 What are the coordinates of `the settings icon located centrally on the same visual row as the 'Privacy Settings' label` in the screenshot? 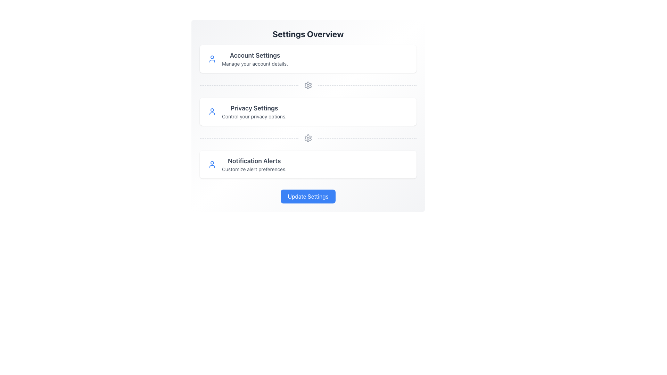 It's located at (308, 138).